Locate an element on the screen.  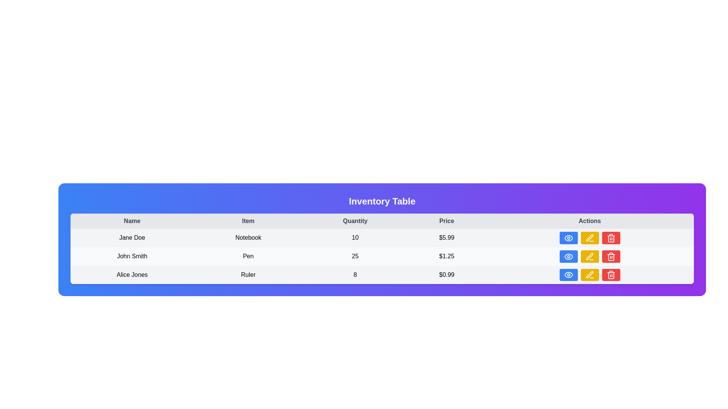
the Text Label element displaying 'Jane Doe' in the first column of the second row within a table, which is centered in the interface is located at coordinates (132, 237).